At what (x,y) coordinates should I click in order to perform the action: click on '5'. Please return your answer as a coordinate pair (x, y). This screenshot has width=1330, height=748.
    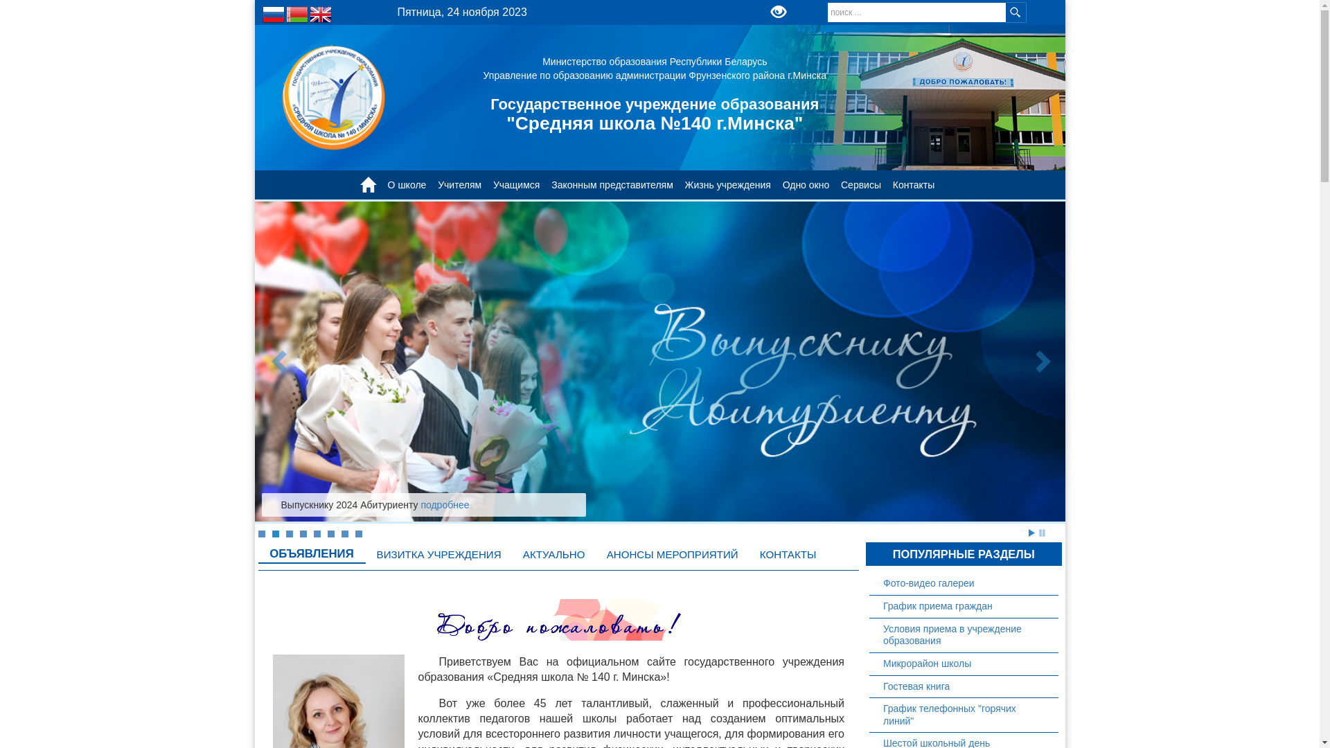
    Looking at the image, I should click on (315, 533).